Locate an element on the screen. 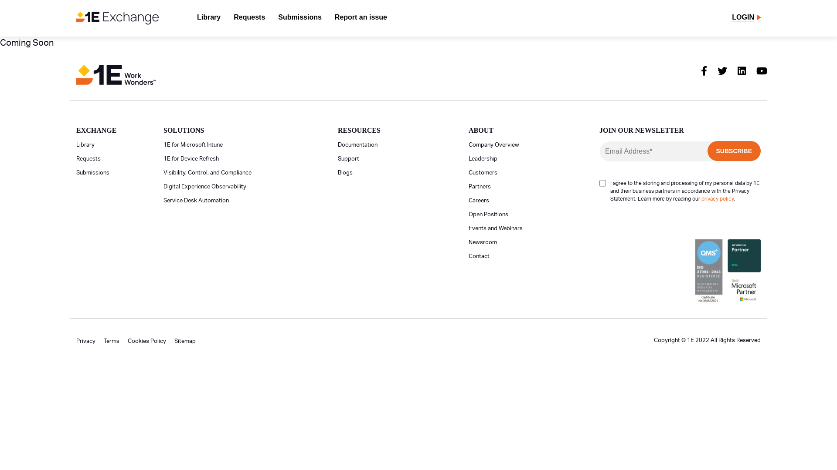  'Events and Webinars' is located at coordinates (496, 228).